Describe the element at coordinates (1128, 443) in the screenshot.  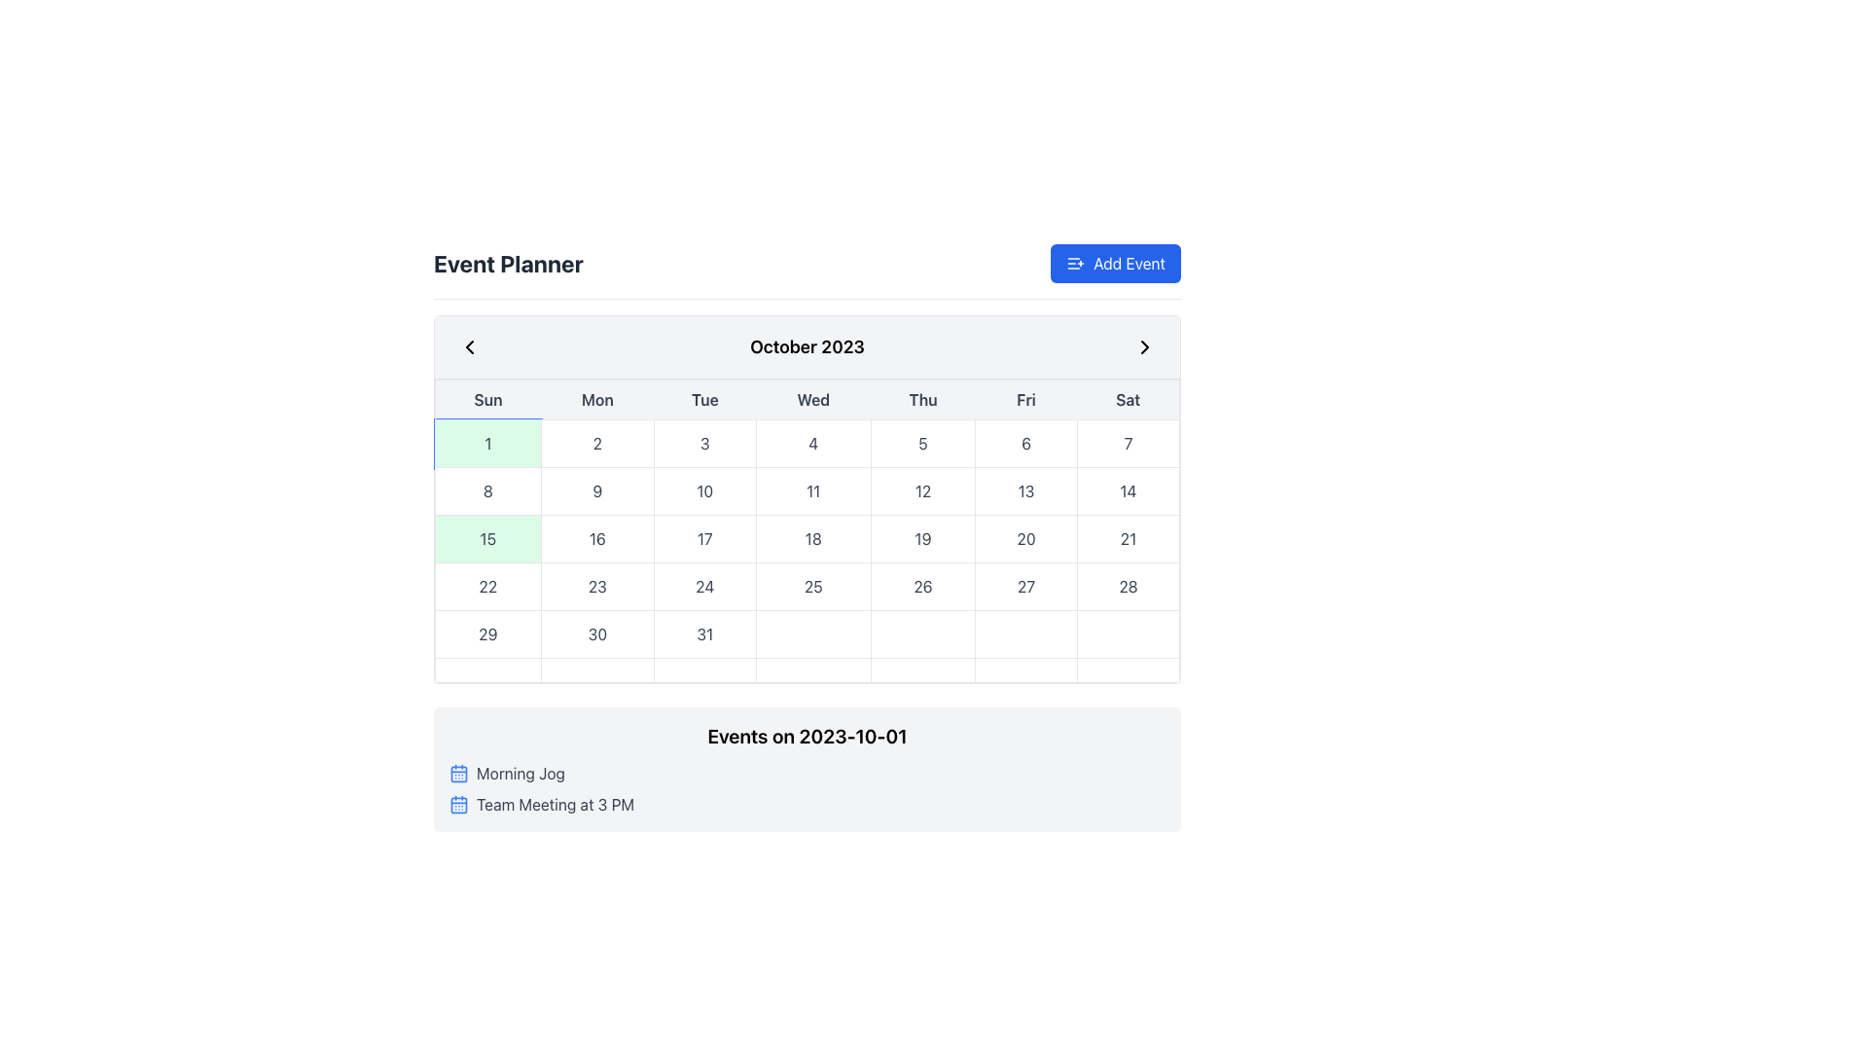
I see `the clickable calendar day element representing the number '7' for October 7, 2023, located at the top right corner of the calendar interface` at that location.